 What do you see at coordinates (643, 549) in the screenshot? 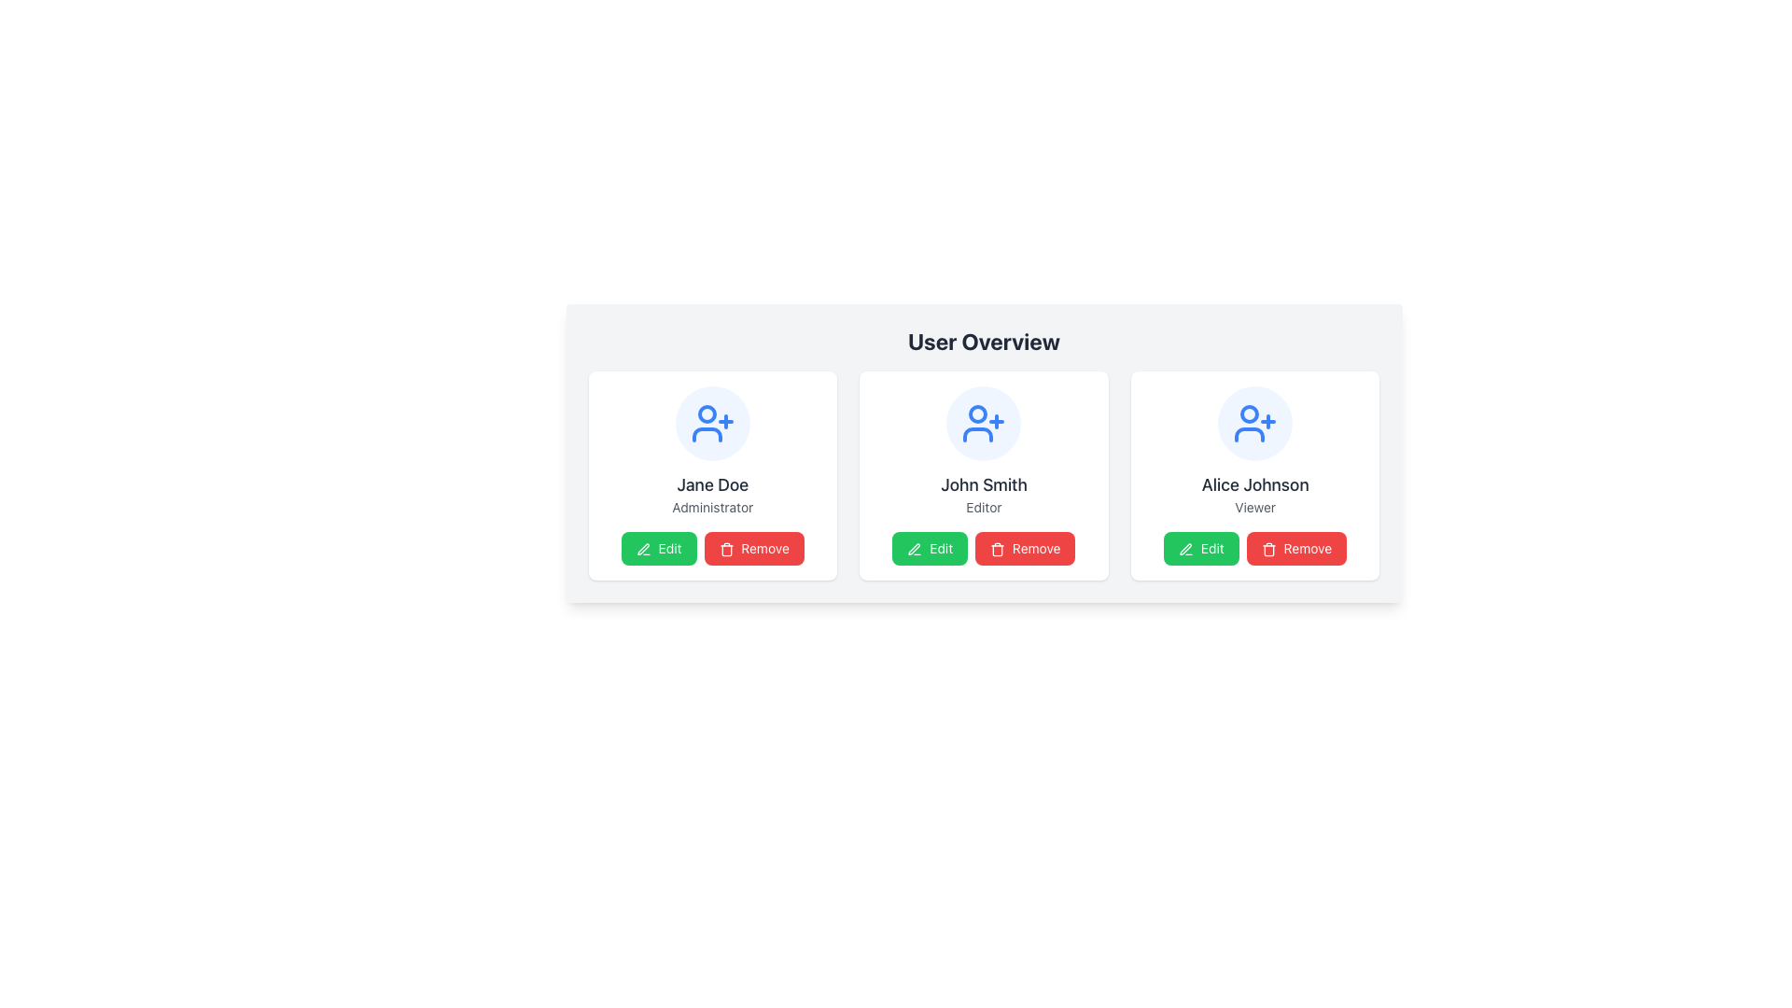
I see `the 'Edit' icon located to the left of the text 'Edit' in the button of Jane Doe's user card in the User Overview section` at bounding box center [643, 549].